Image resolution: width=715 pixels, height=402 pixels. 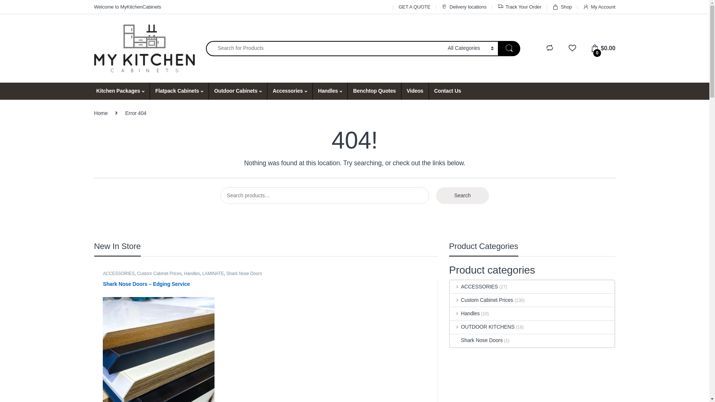 I want to click on 'Welcome to MyKitchenCabinets', so click(x=127, y=7).